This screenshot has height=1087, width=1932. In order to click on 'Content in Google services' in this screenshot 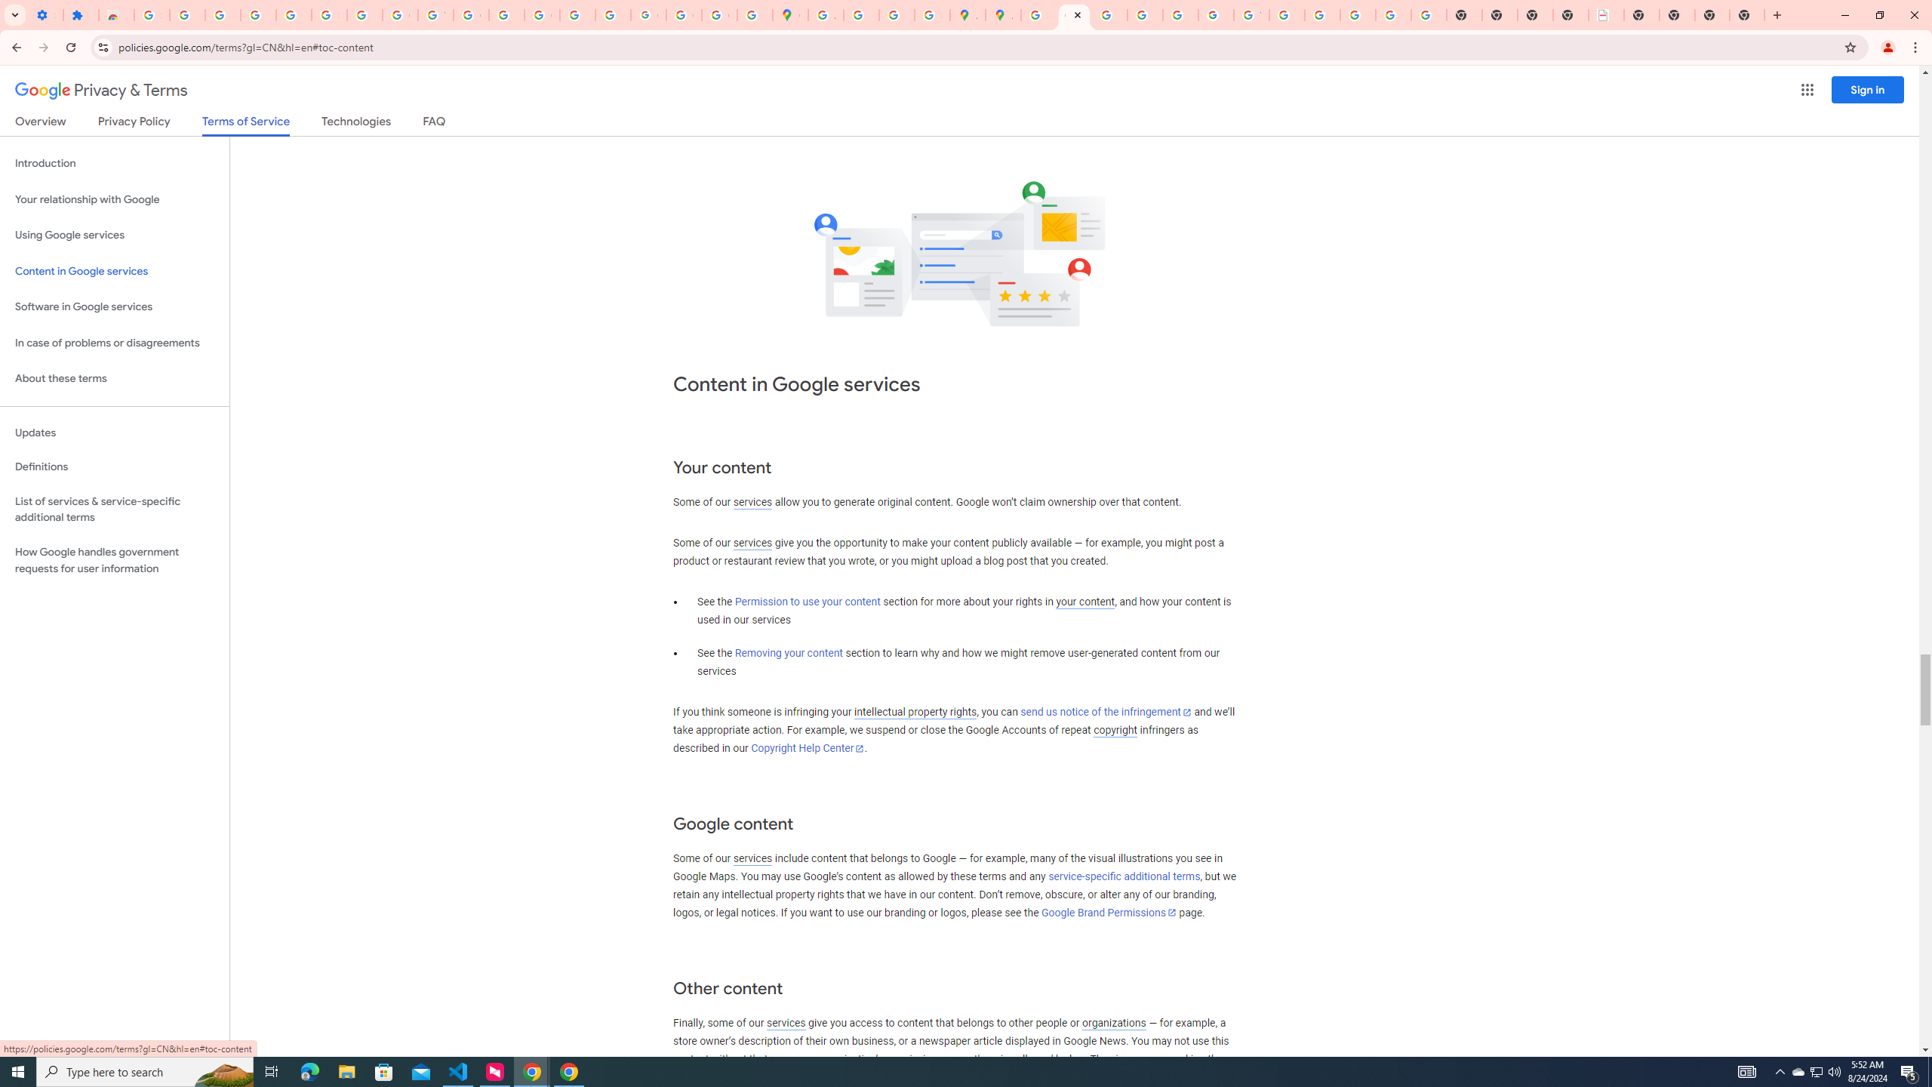, I will do `click(114, 272)`.